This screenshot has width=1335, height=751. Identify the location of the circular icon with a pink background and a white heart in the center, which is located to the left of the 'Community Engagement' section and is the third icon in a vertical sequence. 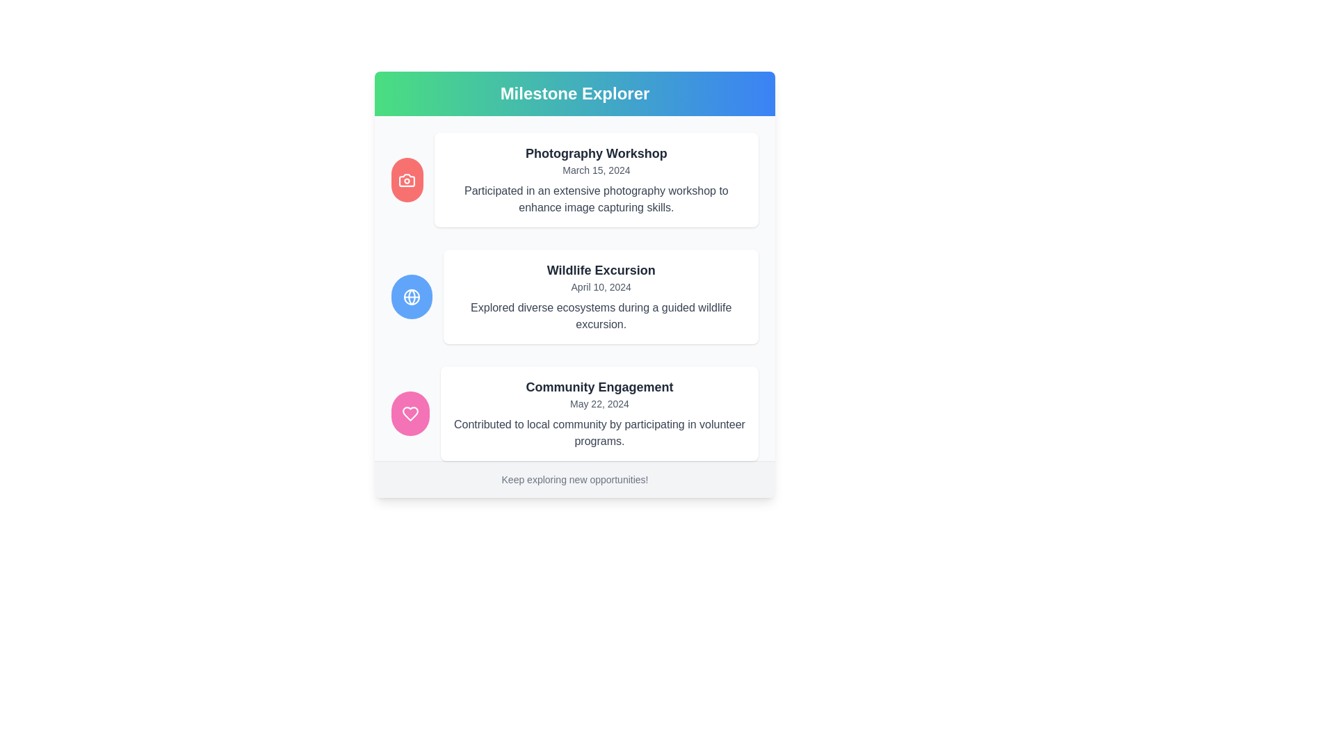
(410, 412).